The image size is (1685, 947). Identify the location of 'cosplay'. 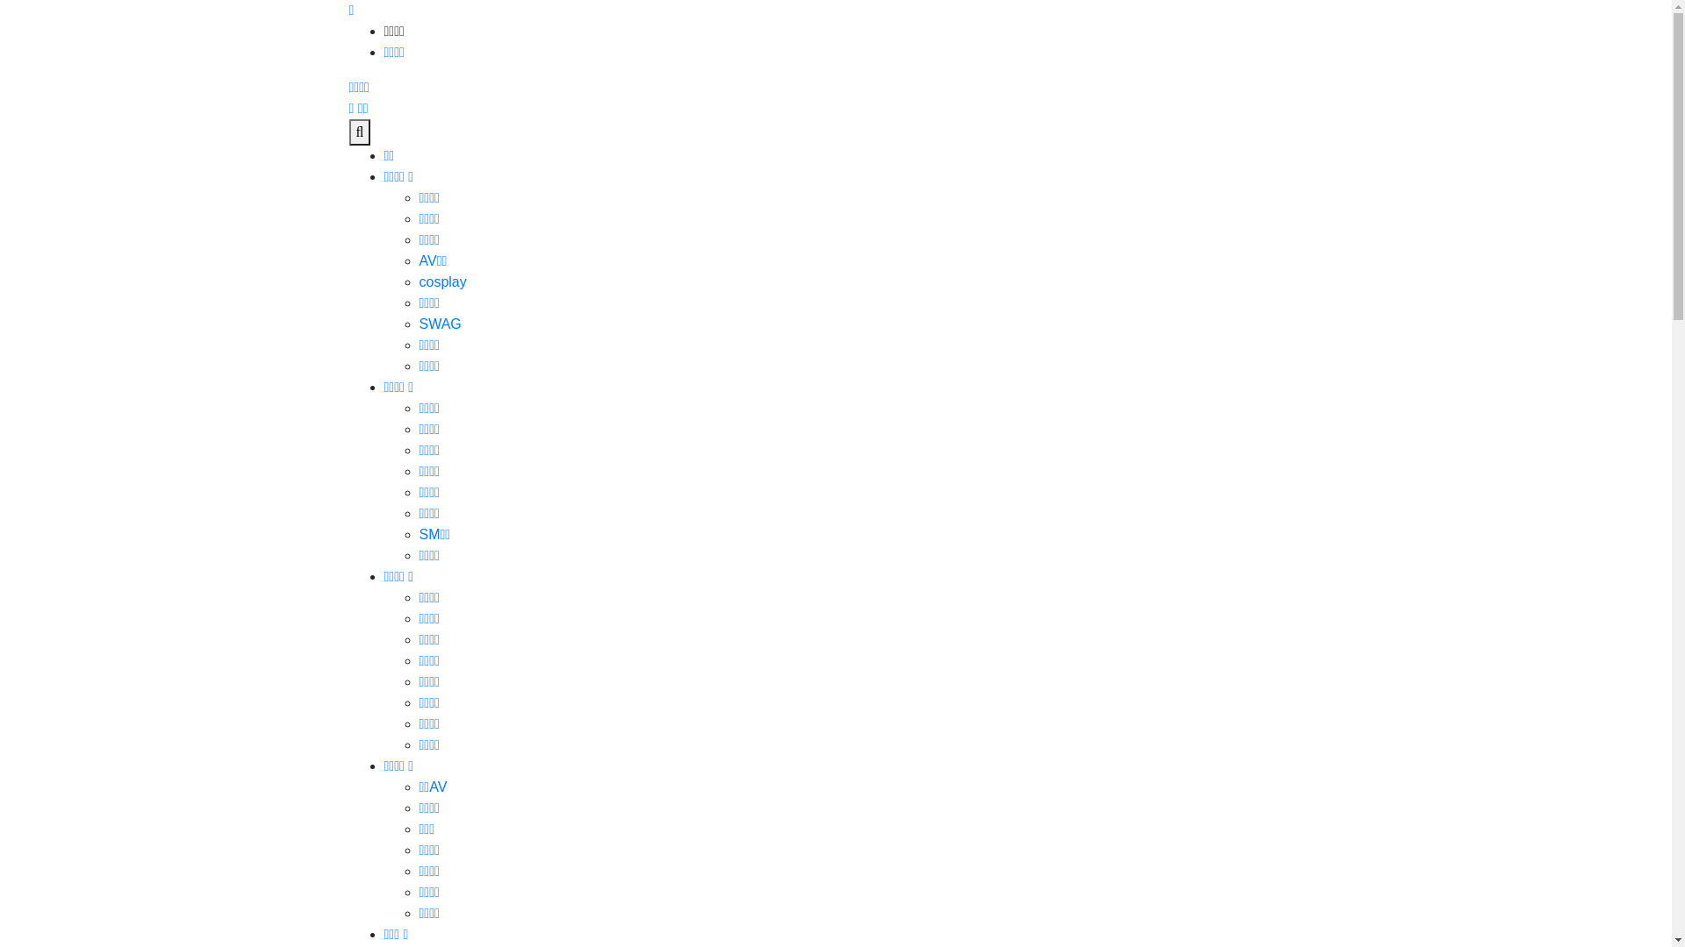
(442, 281).